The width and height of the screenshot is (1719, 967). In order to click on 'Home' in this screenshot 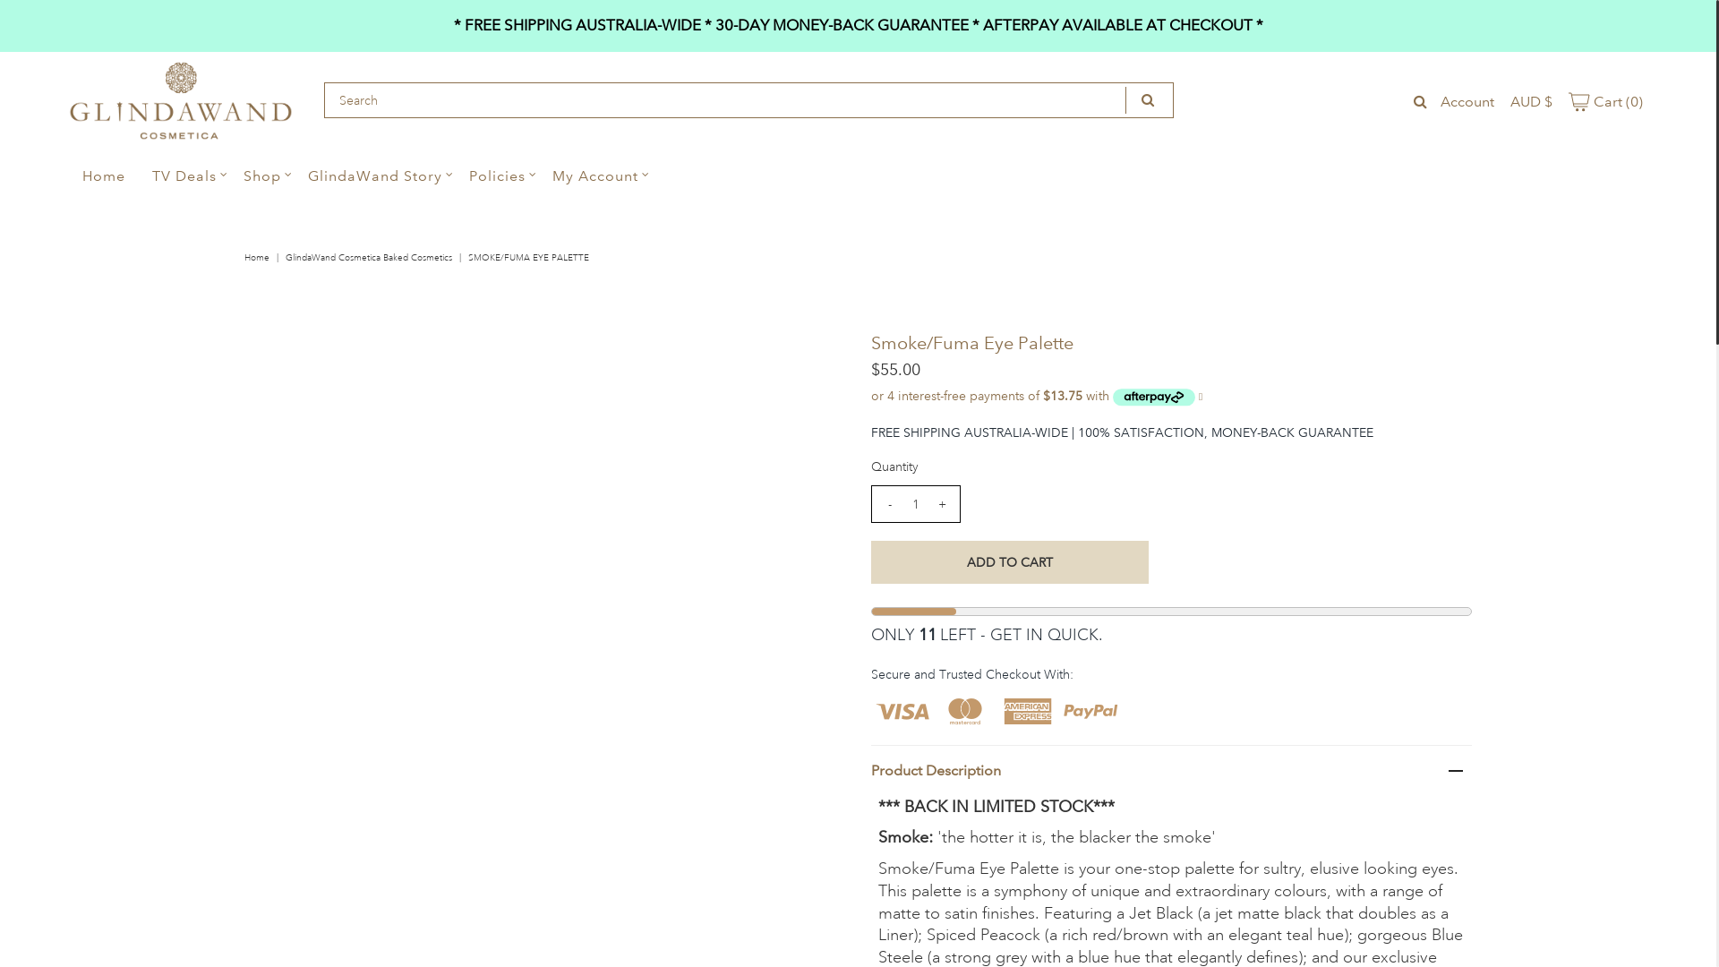, I will do `click(102, 175)`.